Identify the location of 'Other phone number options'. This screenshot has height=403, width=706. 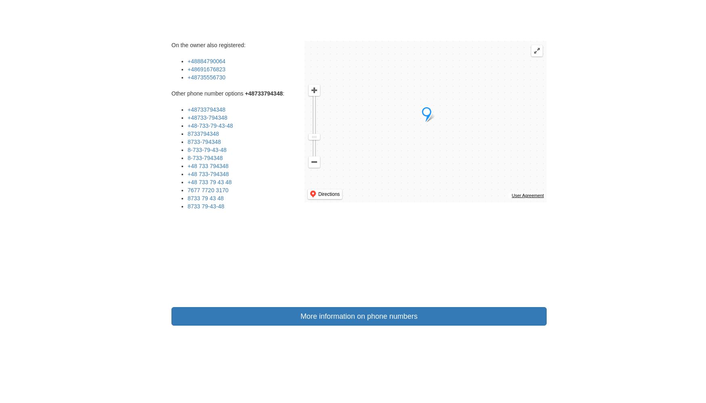
(208, 93).